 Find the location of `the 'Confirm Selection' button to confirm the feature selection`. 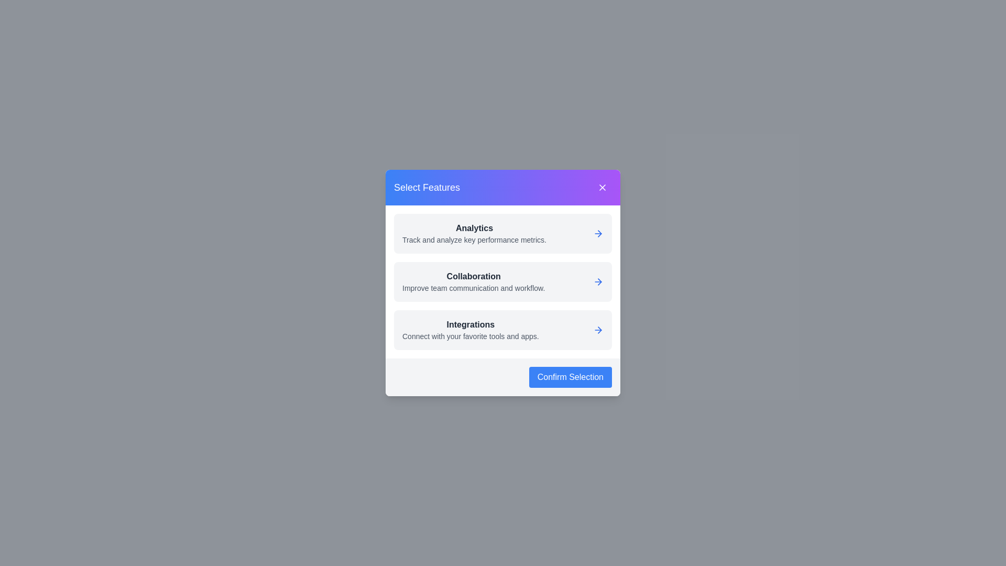

the 'Confirm Selection' button to confirm the feature selection is located at coordinates (570, 377).